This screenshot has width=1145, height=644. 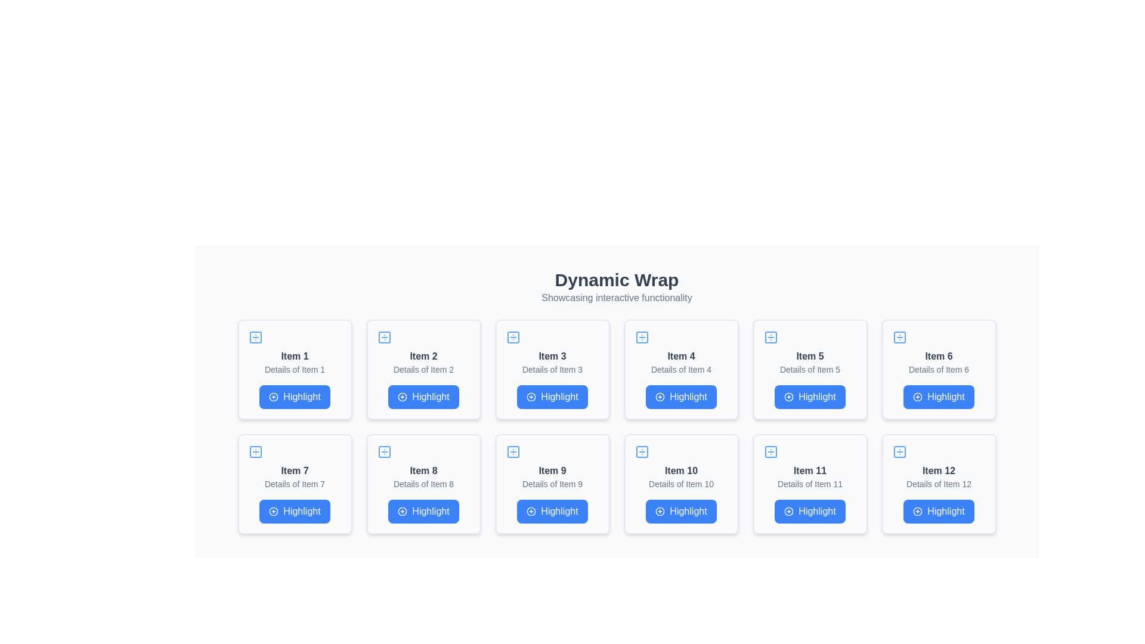 What do you see at coordinates (938, 369) in the screenshot?
I see `the text label providing additional information about 'Item 6' located in the card-based layout, positioned below the main title and above the blue 'Highlight' button` at bounding box center [938, 369].